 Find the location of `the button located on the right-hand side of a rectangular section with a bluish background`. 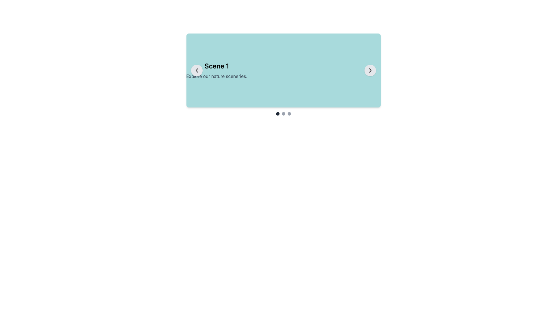

the button located on the right-hand side of a rectangular section with a bluish background is located at coordinates (370, 70).